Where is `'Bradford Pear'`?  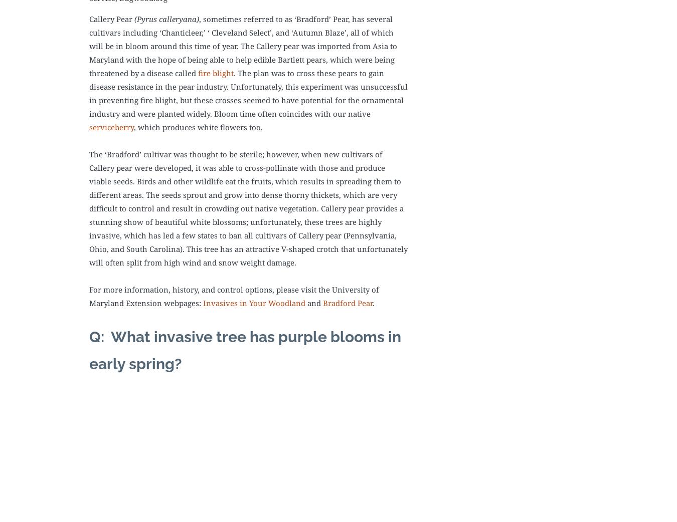
'Bradford Pear' is located at coordinates (322, 302).